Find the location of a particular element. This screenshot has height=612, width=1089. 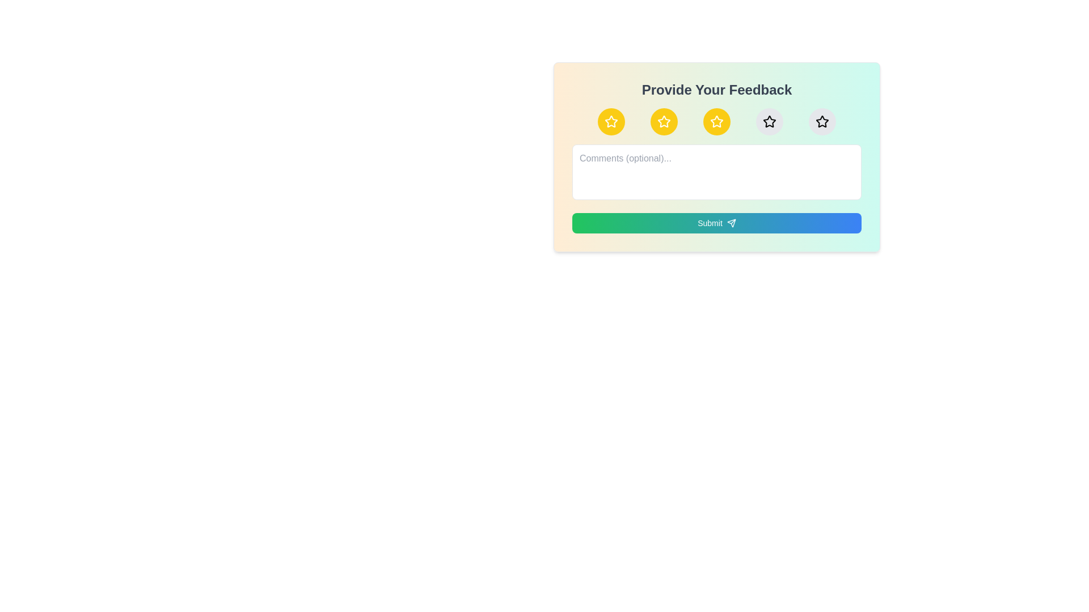

the star corresponding to the desired rating 5 is located at coordinates (822, 122).